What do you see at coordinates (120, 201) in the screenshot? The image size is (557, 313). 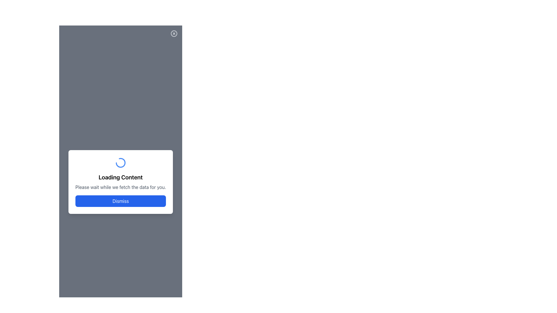 I see `the 'Dismiss' button located at the bottom of the modal dialog` at bounding box center [120, 201].